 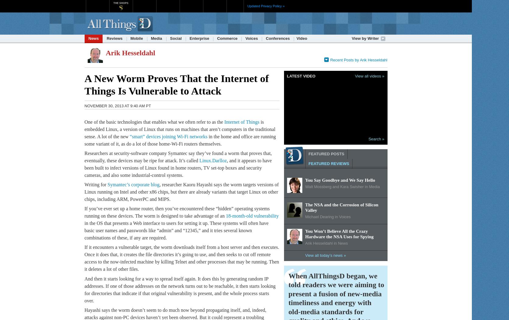 I want to click on 'Mobile', so click(x=130, y=38).